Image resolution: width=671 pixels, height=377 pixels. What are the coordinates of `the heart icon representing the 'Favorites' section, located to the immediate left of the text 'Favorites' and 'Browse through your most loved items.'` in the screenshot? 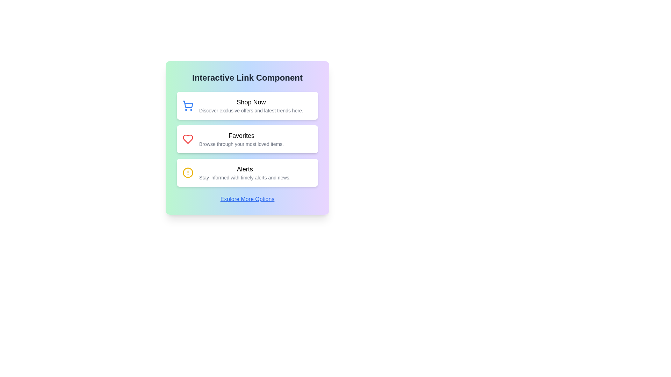 It's located at (188, 139).